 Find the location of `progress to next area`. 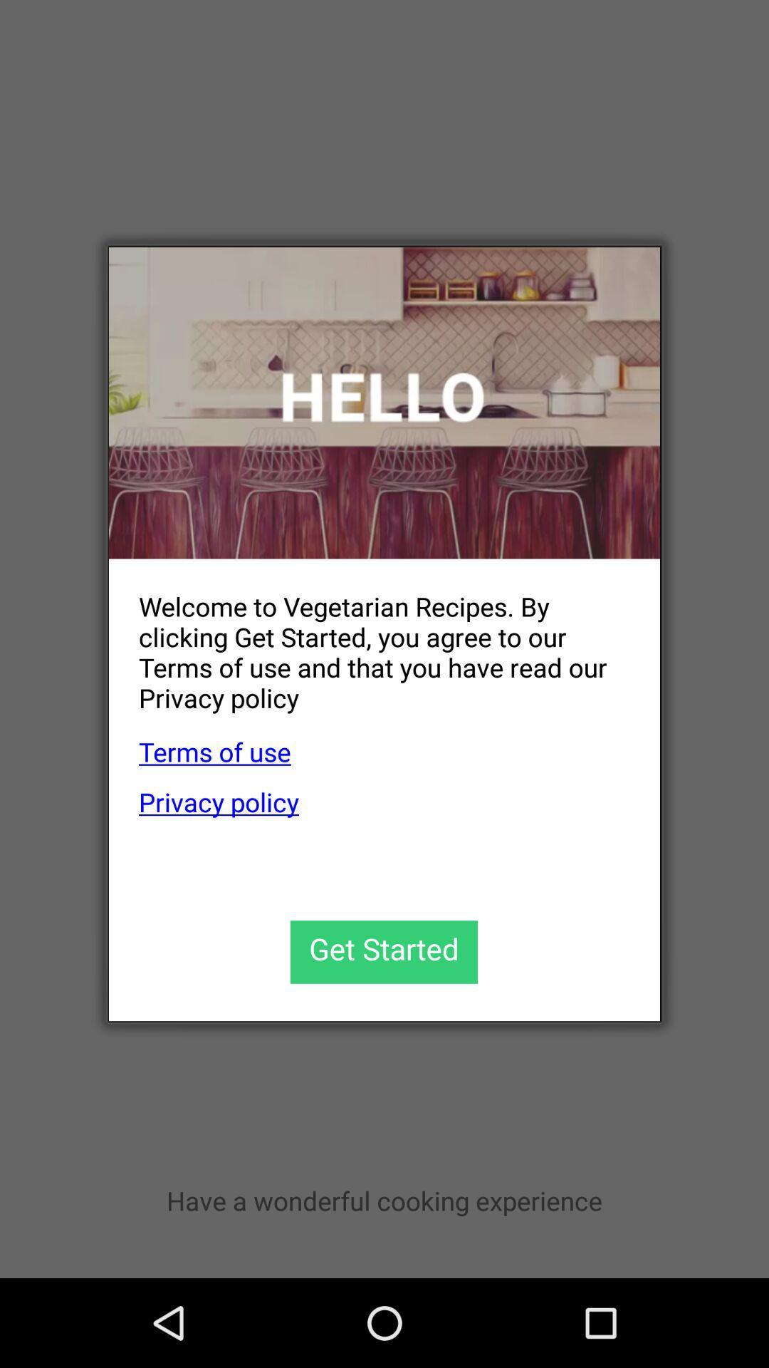

progress to next area is located at coordinates (383, 952).